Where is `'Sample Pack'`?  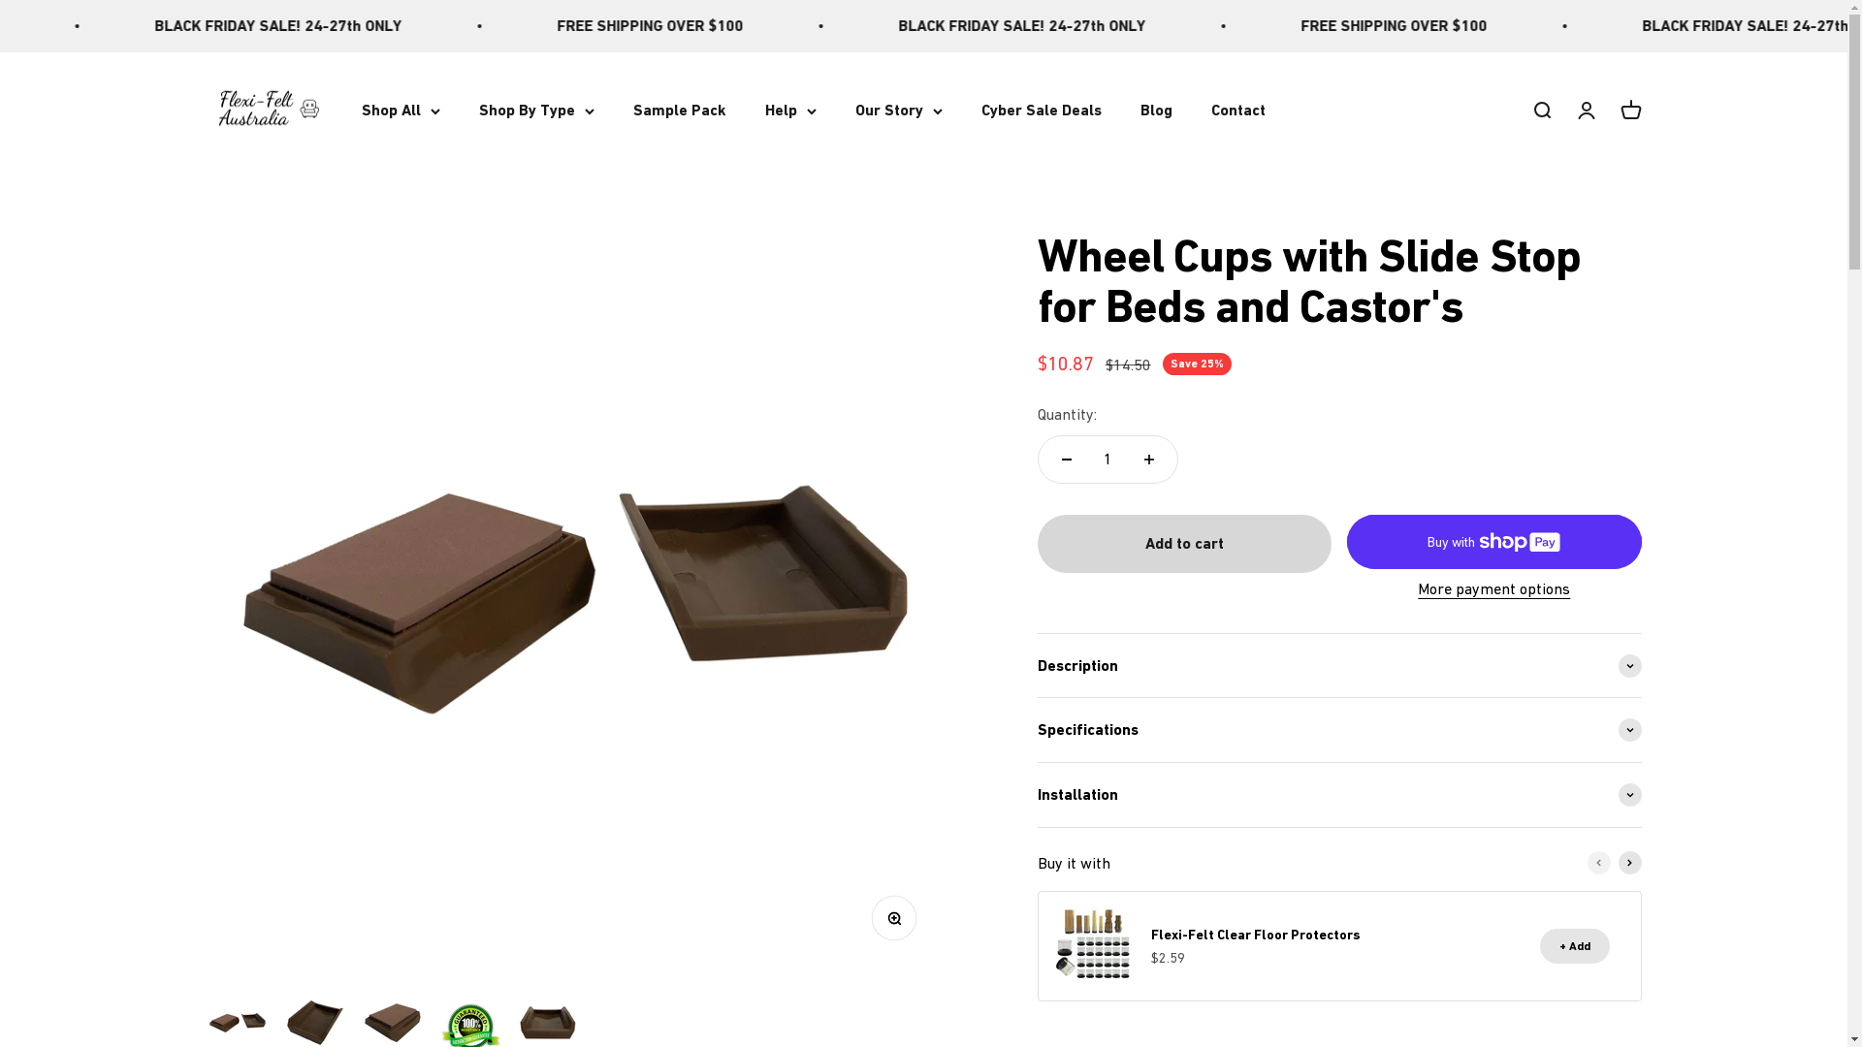
'Sample Pack' is located at coordinates (679, 110).